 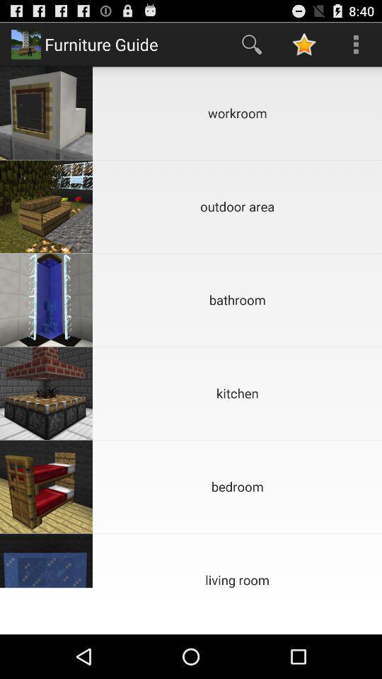 I want to click on app above workroom, so click(x=251, y=44).